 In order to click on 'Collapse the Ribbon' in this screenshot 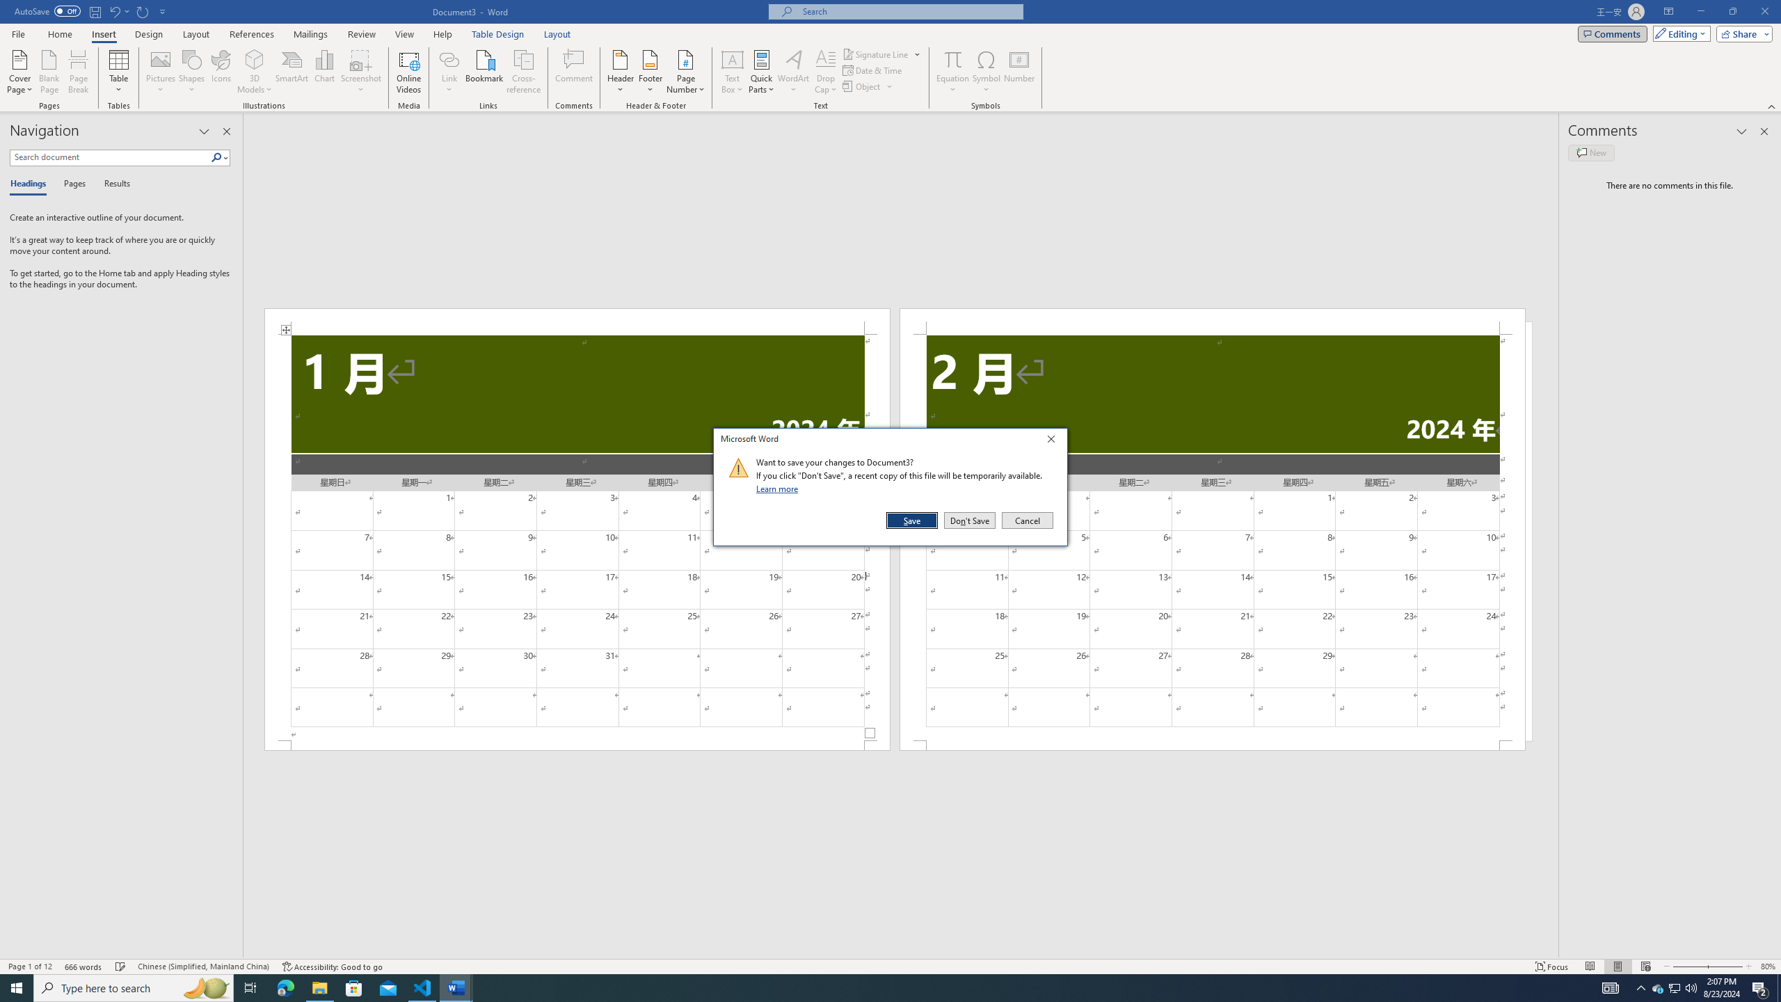, I will do `click(1772, 106)`.